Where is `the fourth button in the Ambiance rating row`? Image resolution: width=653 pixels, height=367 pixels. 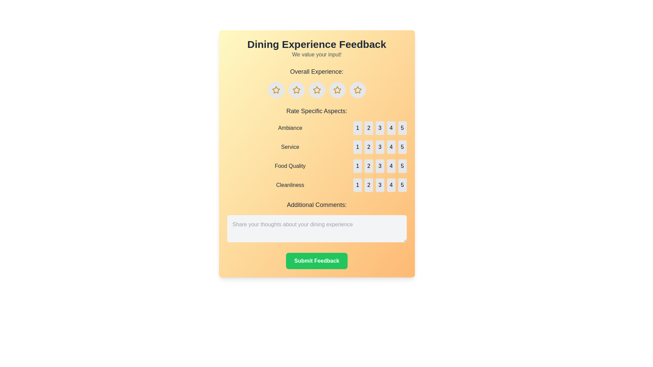 the fourth button in the Ambiance rating row is located at coordinates (391, 128).